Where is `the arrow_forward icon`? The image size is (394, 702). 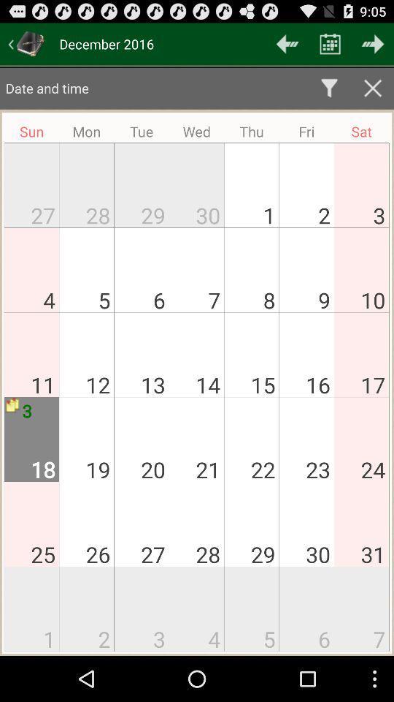
the arrow_forward icon is located at coordinates (373, 47).